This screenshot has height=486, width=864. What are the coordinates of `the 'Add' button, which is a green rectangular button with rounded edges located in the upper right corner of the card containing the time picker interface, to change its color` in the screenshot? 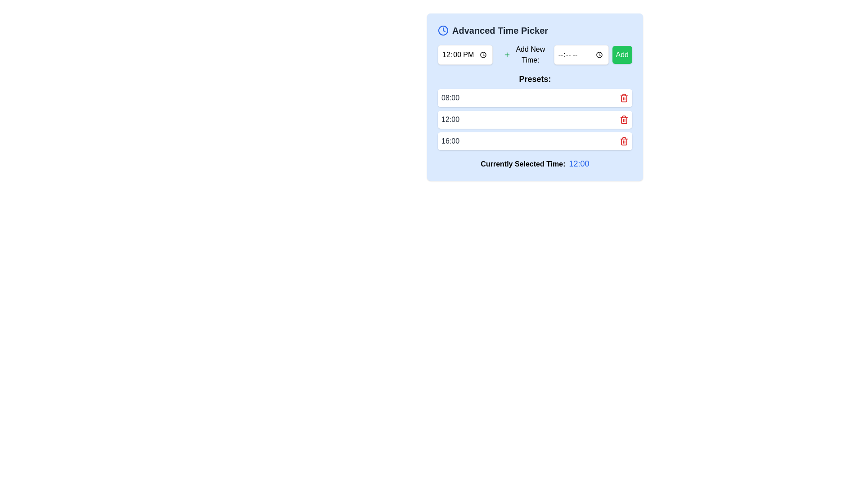 It's located at (621, 55).